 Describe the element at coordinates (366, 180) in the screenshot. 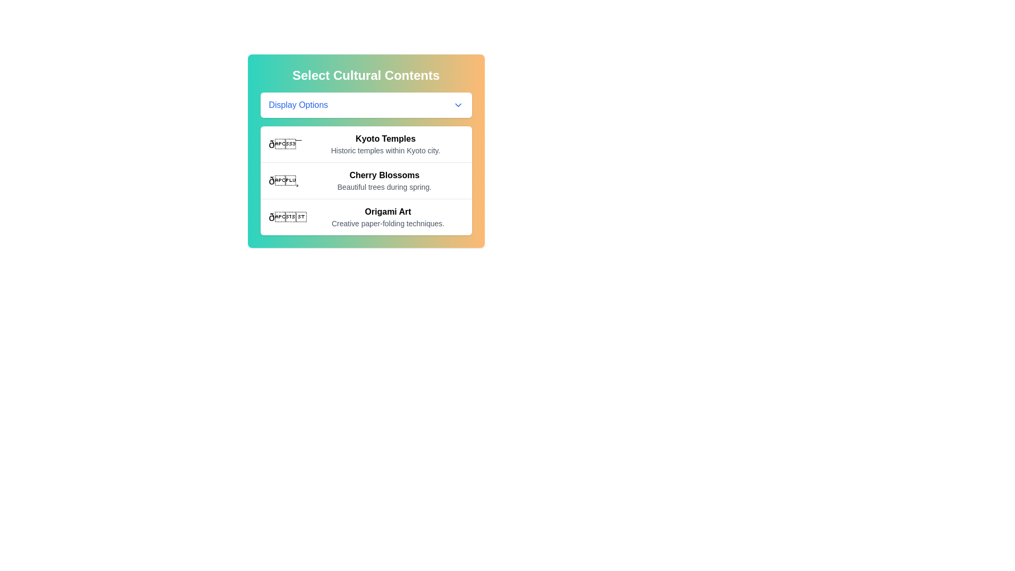

I see `the second list entry in the selection menu, which features an emoji, the bold title 'Cherry Blossoms', and a description 'Beautiful trees during spring.'` at that location.